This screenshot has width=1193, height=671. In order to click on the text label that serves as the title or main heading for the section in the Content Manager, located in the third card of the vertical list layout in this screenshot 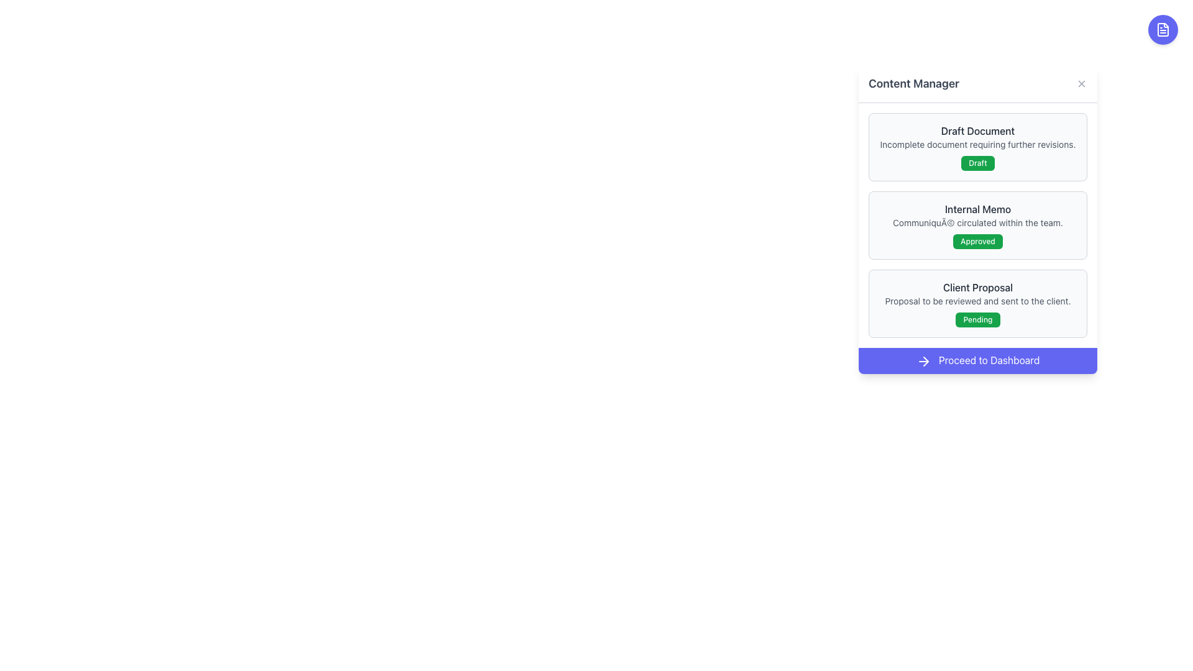, I will do `click(977, 287)`.